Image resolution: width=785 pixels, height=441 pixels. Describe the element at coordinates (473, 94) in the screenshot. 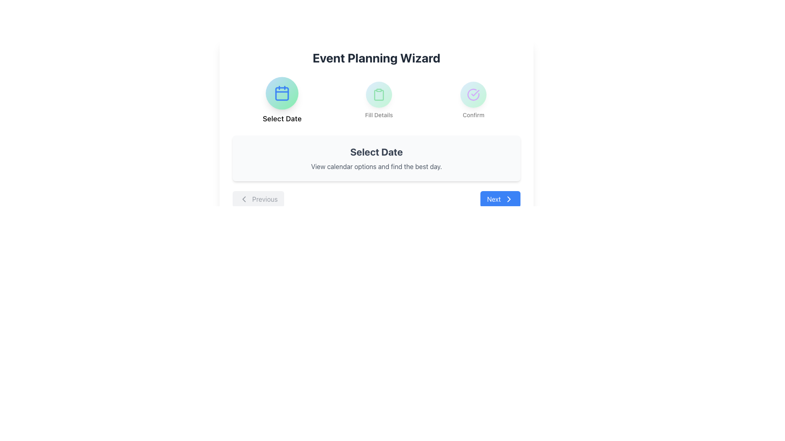

I see `the 'Confirm' icon located at the top-right of the Event Planning Wizard interface, which is the third icon in a horizontal sequence` at that location.